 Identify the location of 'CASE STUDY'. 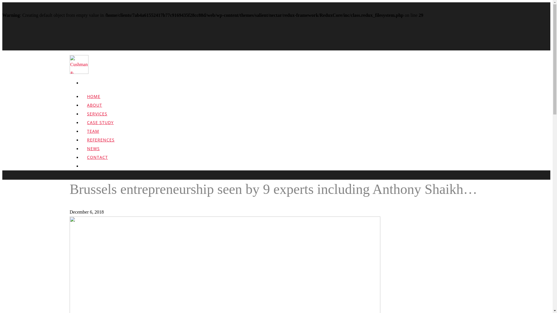
(100, 126).